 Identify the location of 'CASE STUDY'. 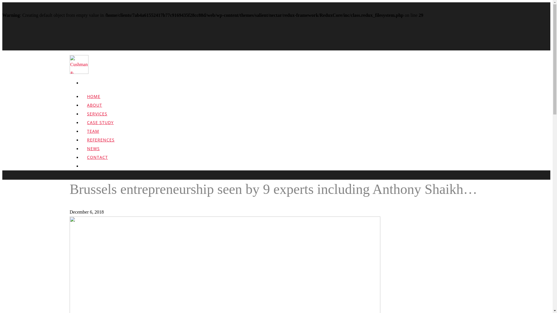
(100, 126).